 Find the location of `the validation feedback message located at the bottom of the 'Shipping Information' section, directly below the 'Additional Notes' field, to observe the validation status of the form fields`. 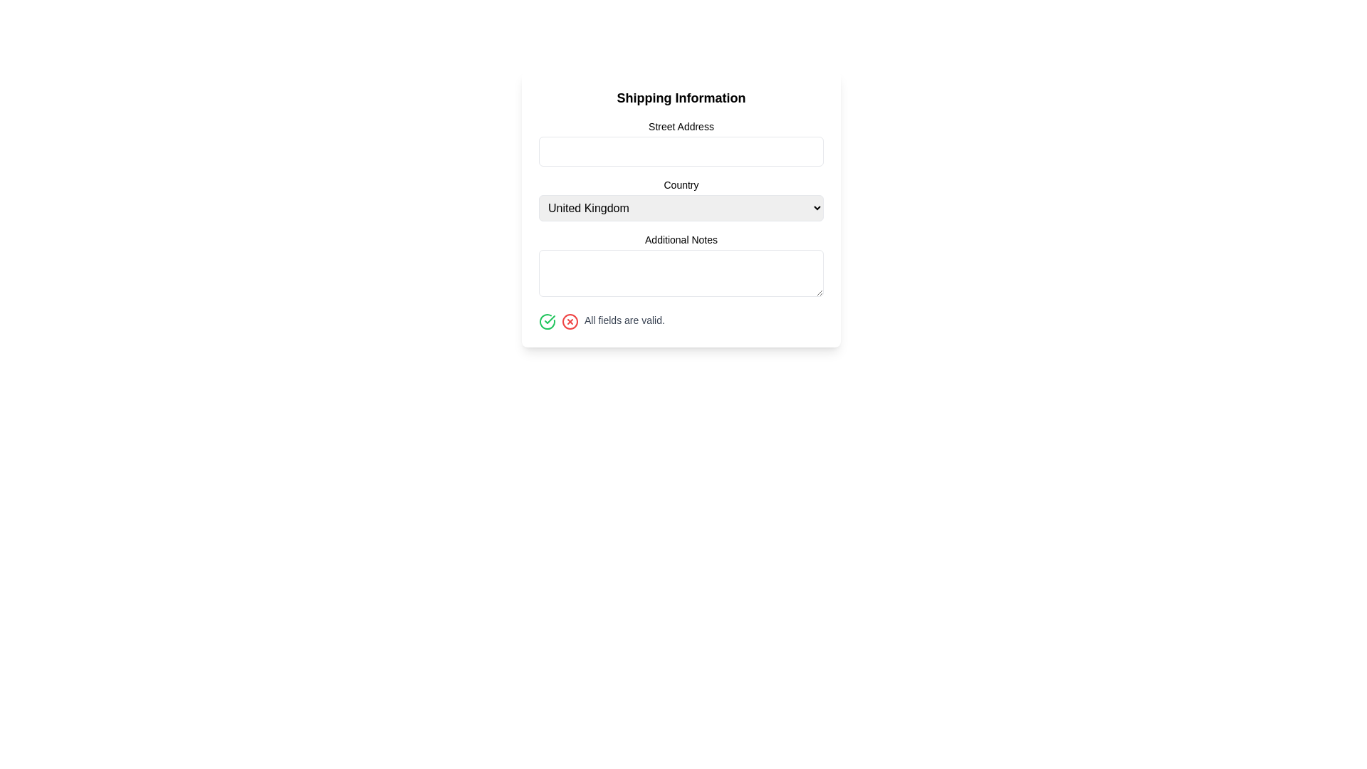

the validation feedback message located at the bottom of the 'Shipping Information' section, directly below the 'Additional Notes' field, to observe the validation status of the form fields is located at coordinates (680, 321).